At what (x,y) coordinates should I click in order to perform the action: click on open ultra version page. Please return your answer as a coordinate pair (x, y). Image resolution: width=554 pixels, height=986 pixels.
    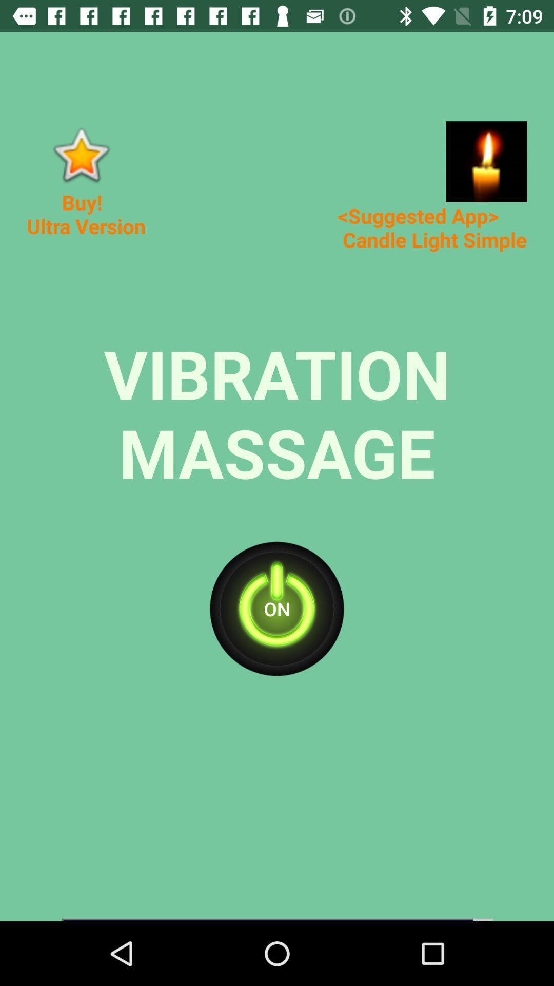
    Looking at the image, I should click on (80, 154).